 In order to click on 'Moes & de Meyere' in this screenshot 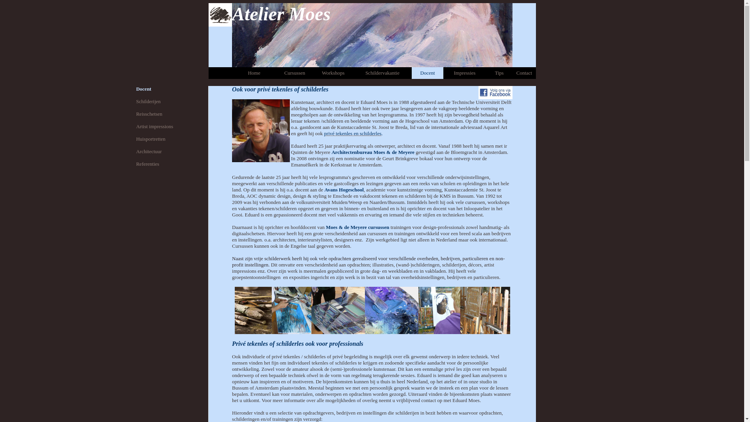, I will do `click(394, 152)`.